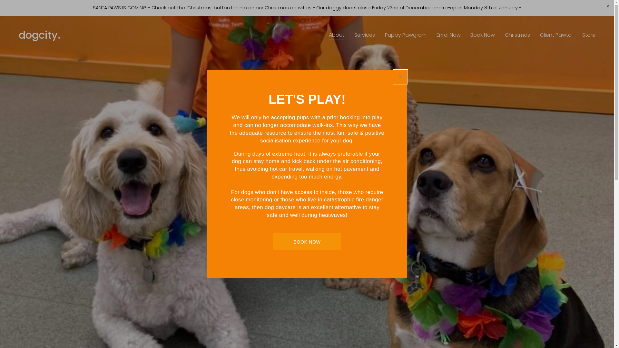 The height and width of the screenshot is (348, 619). Describe the element at coordinates (448, 35) in the screenshot. I see `'Enrol Now'` at that location.